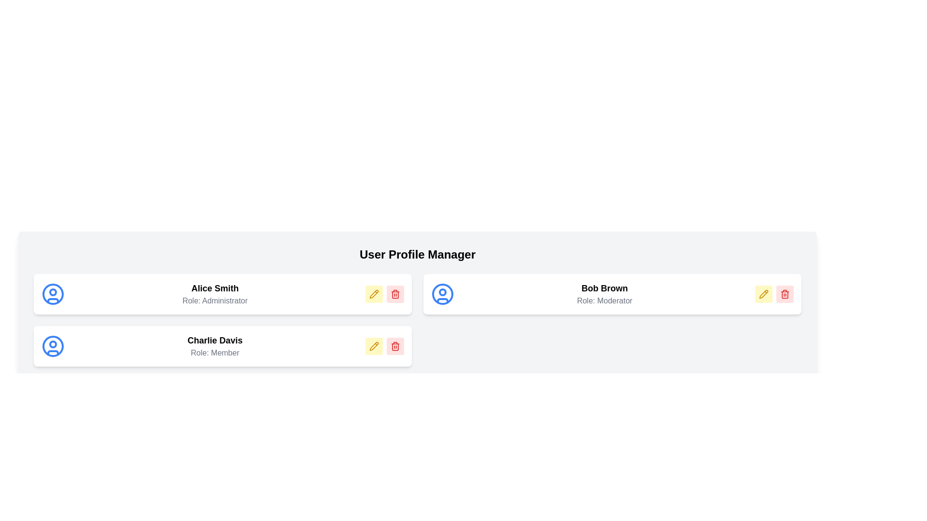 The image size is (927, 521). What do you see at coordinates (222, 293) in the screenshot?
I see `the user profile card located at the first position in the vertical list on the left side, which displays the name and role of a user, situated above 'Charlie Davis' and to the left of 'Bob Brown'` at bounding box center [222, 293].